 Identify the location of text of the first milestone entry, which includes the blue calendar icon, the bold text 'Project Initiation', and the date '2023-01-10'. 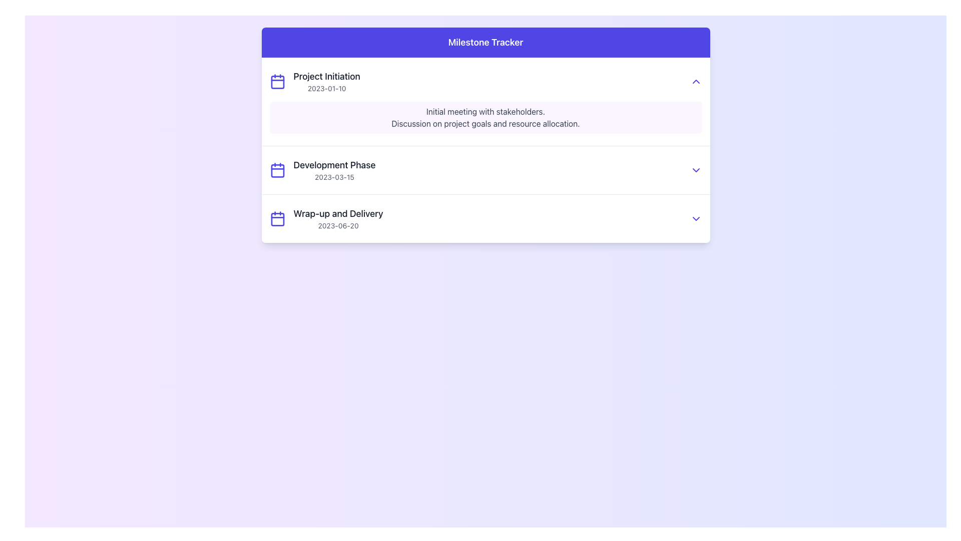
(314, 81).